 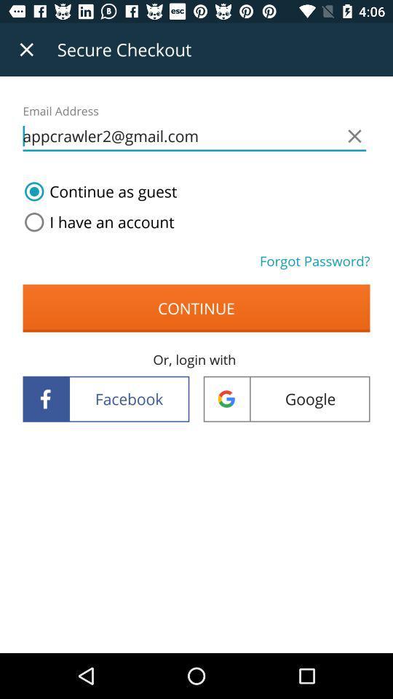 What do you see at coordinates (314, 261) in the screenshot?
I see `icon next to i have an icon` at bounding box center [314, 261].